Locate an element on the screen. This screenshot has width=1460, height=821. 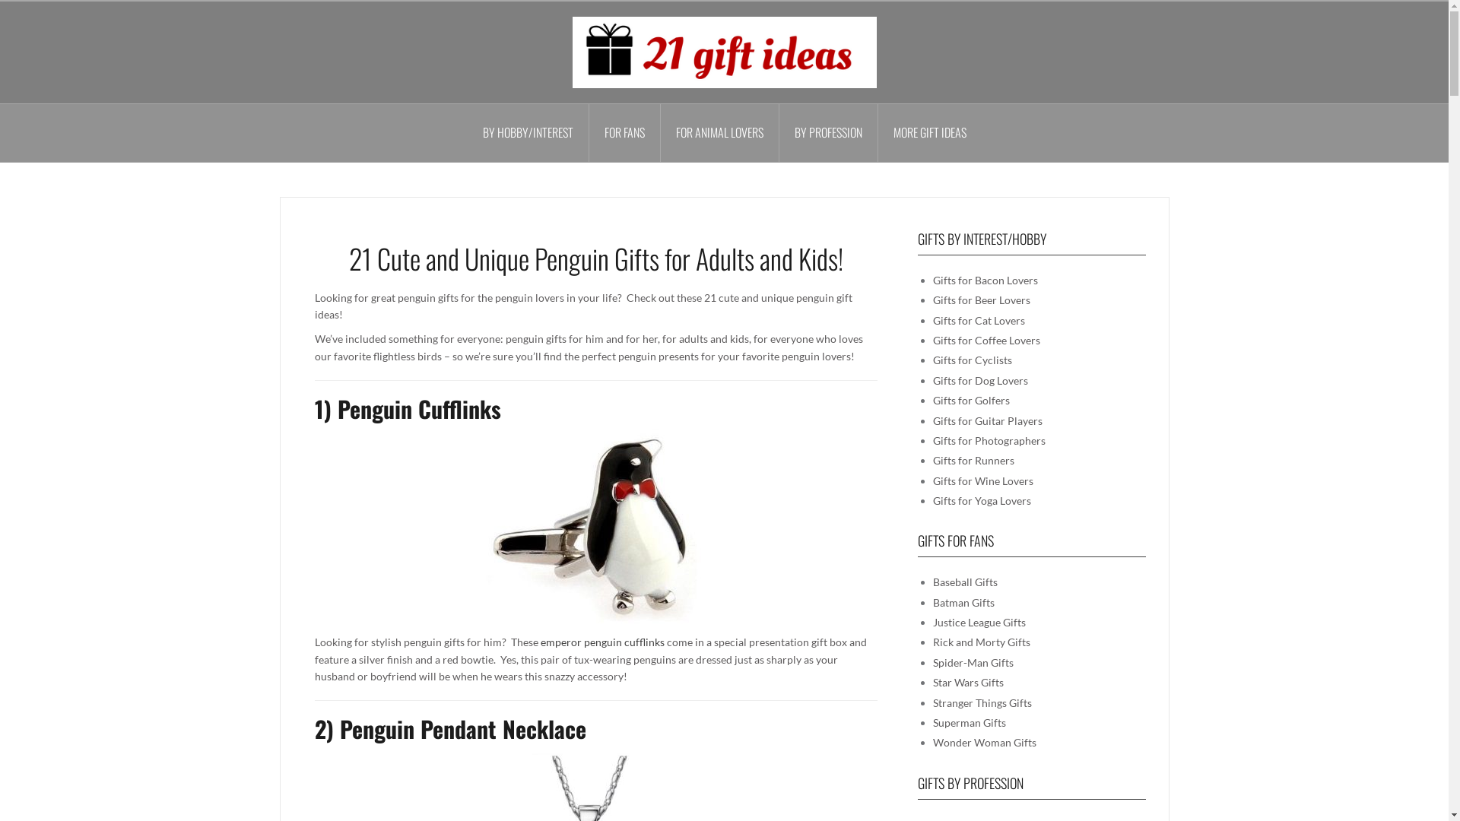
'FOR FANS' is located at coordinates (624, 132).